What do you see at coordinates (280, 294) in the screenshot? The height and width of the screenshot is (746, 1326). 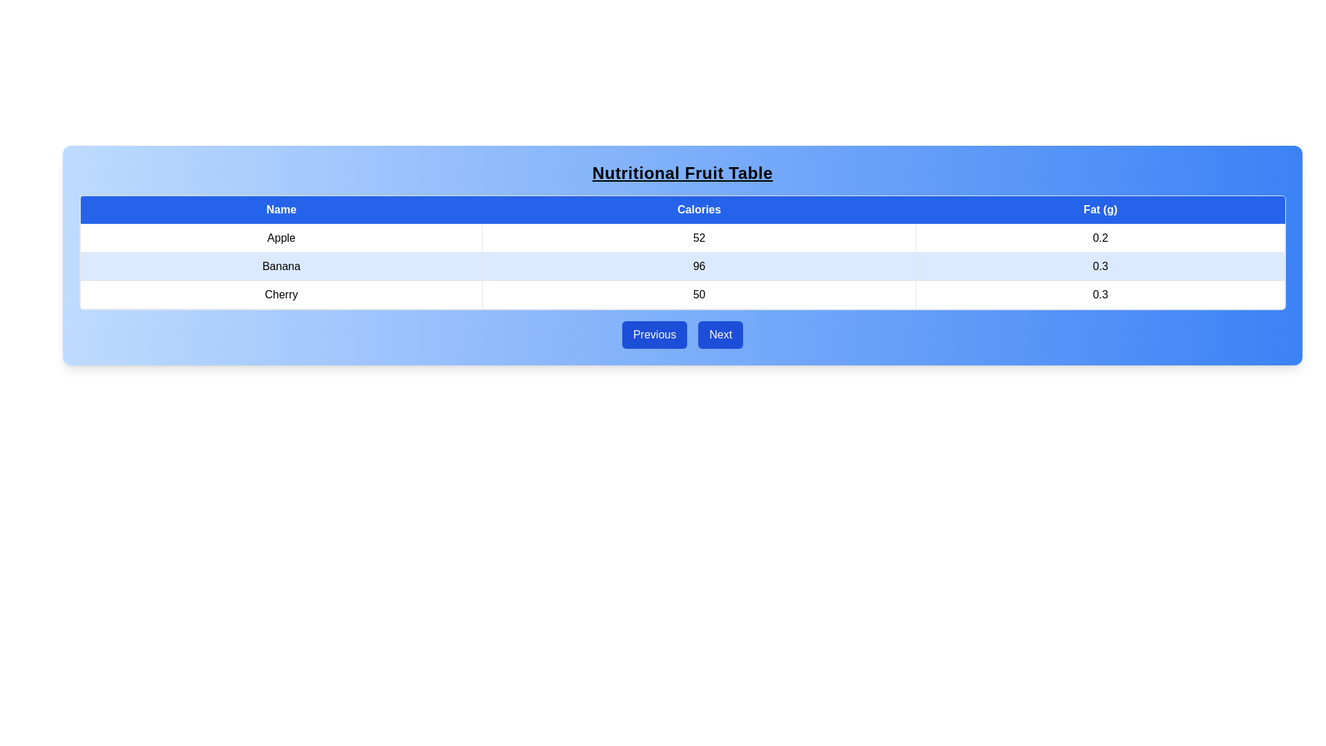 I see `the text label displaying the word 'Cherry' in black text on a white background, located in the leftmost cell of the third row of a table depicting nutritional information about fruits` at bounding box center [280, 294].